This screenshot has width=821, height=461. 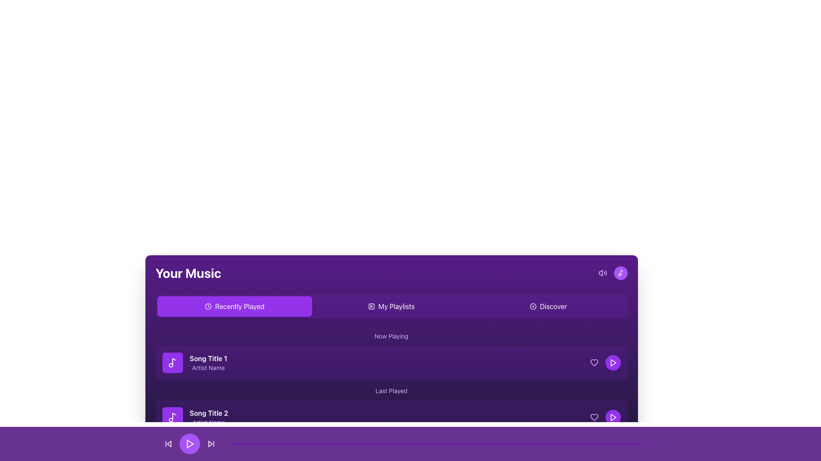 I want to click on the first list item representing a song in the 'Your Music' section, which displays the song's title and artist information, so click(x=194, y=362).